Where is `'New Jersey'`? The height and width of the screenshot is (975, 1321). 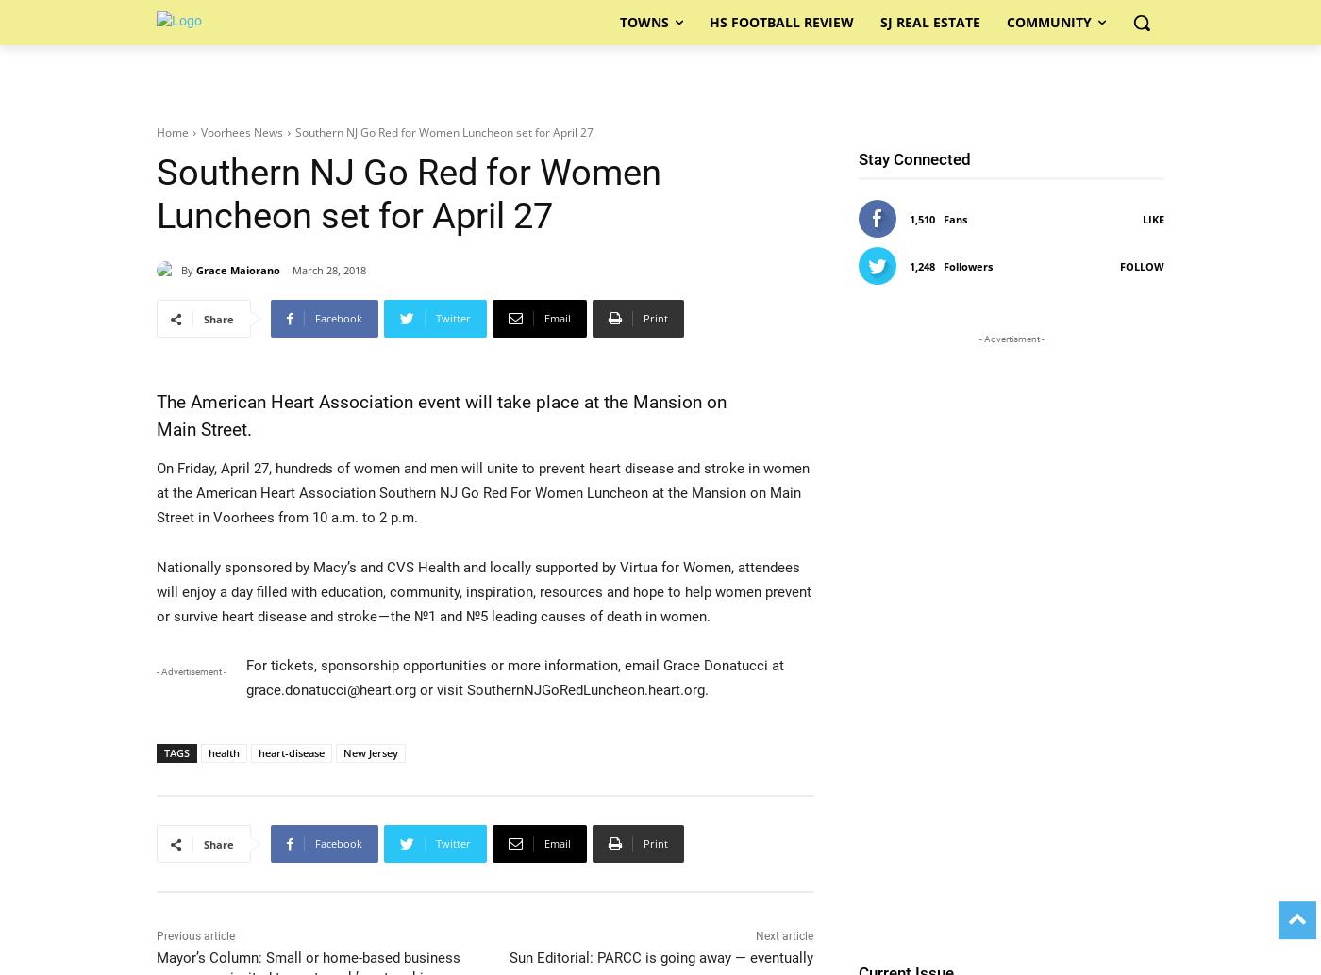 'New Jersey' is located at coordinates (370, 752).